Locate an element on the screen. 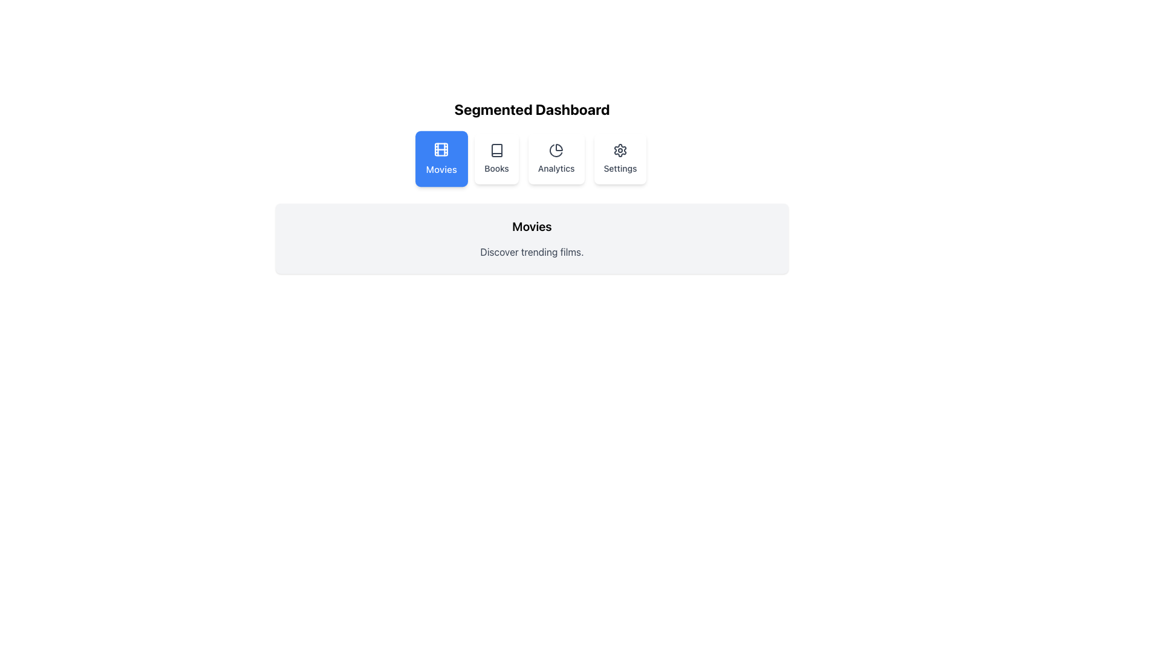 The height and width of the screenshot is (653, 1161). the centered text heading labeled 'Movies' which is displayed in bold and larger font, positioned above the secondary text 'Discover trending films.' is located at coordinates (532, 226).